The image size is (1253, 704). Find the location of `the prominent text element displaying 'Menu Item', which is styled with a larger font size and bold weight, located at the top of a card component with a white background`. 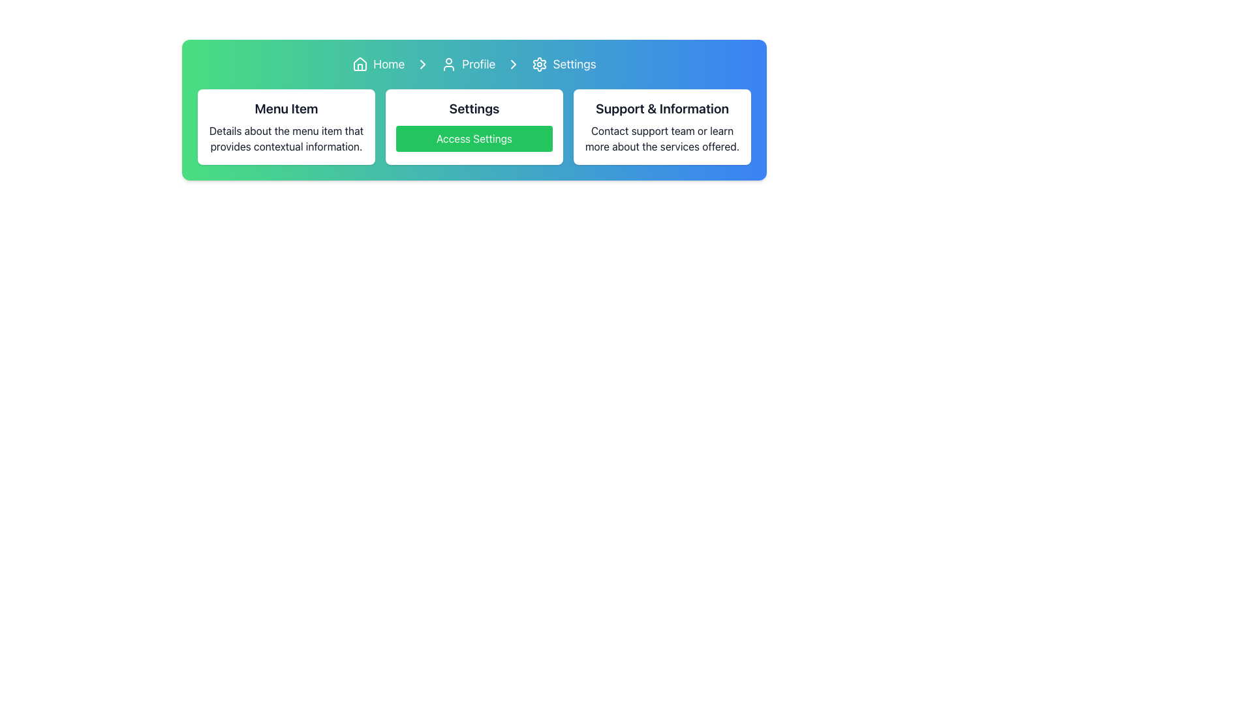

the prominent text element displaying 'Menu Item', which is styled with a larger font size and bold weight, located at the top of a card component with a white background is located at coordinates (285, 108).